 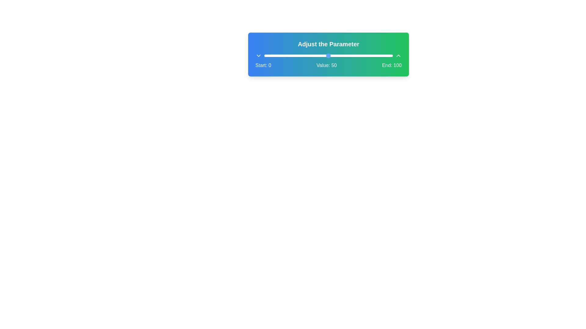 What do you see at coordinates (328, 65) in the screenshot?
I see `the Text label group that displays the range information of the slider, including 'Start: 0', 'Value: 50', and 'End: 100'` at bounding box center [328, 65].